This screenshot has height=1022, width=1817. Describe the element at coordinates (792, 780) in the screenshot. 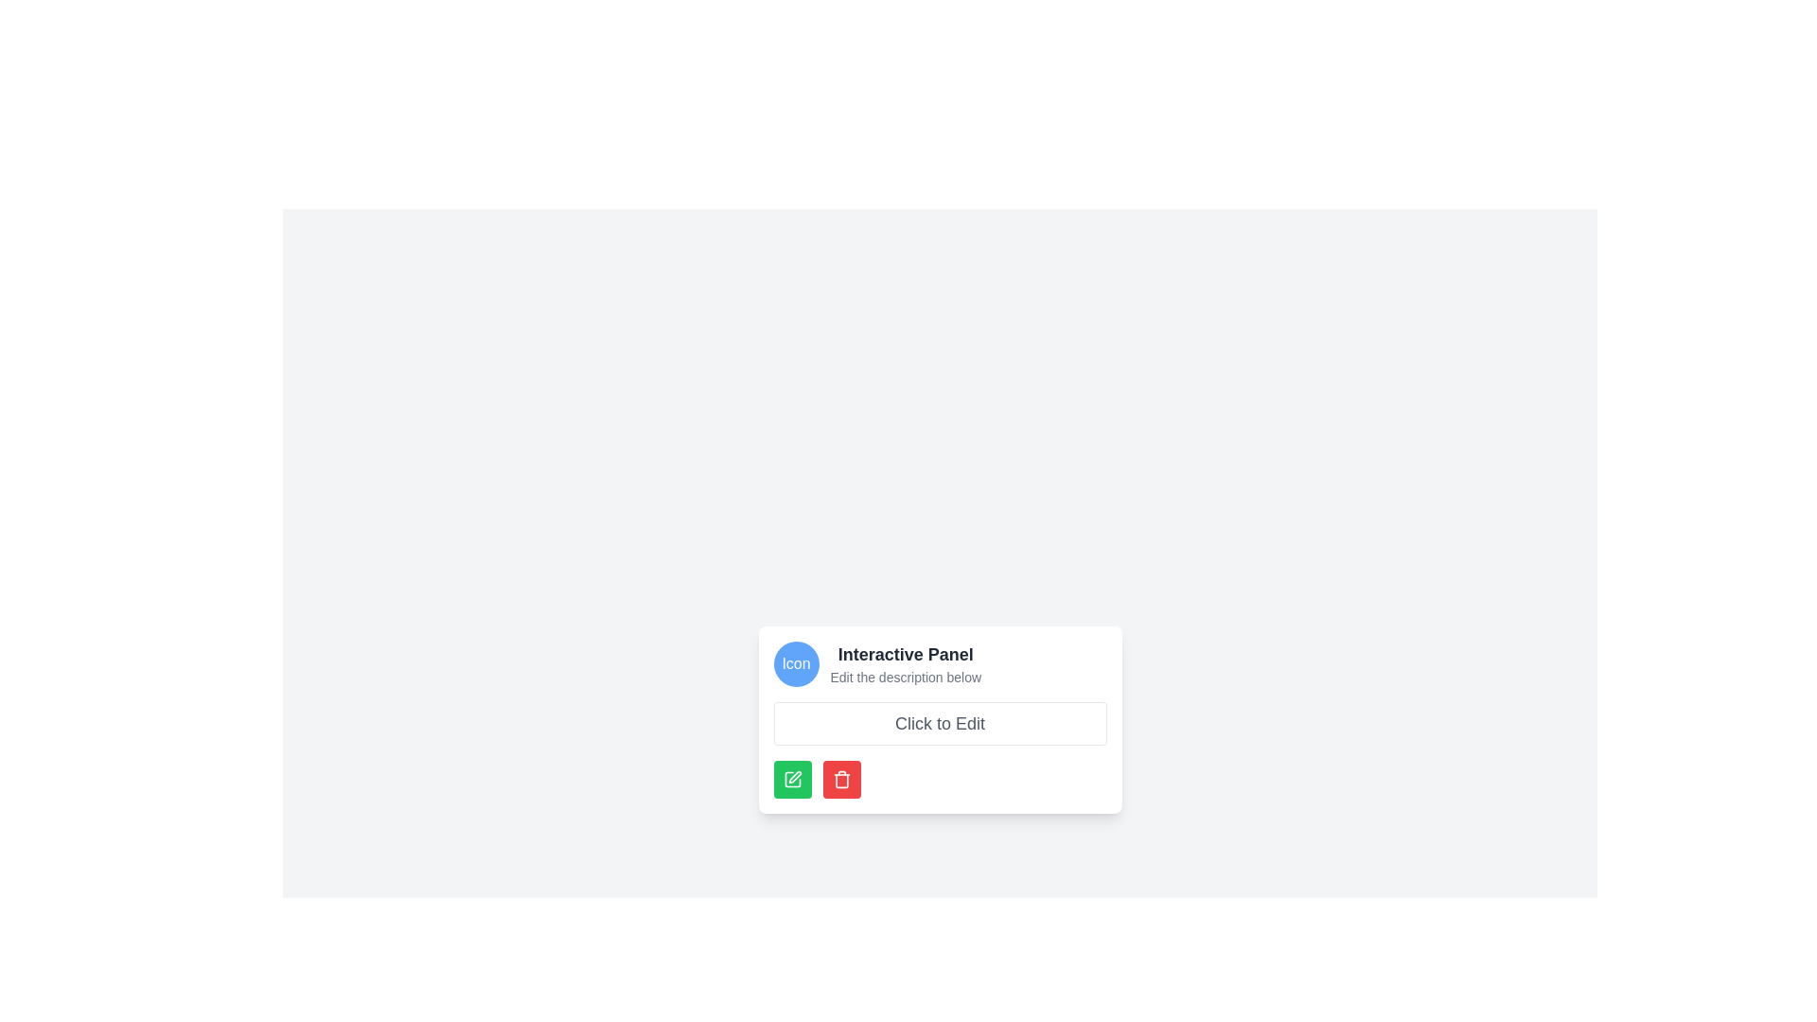

I see `the green button that contains the vector graphic icon, which is positioned below the 'Click` at that location.